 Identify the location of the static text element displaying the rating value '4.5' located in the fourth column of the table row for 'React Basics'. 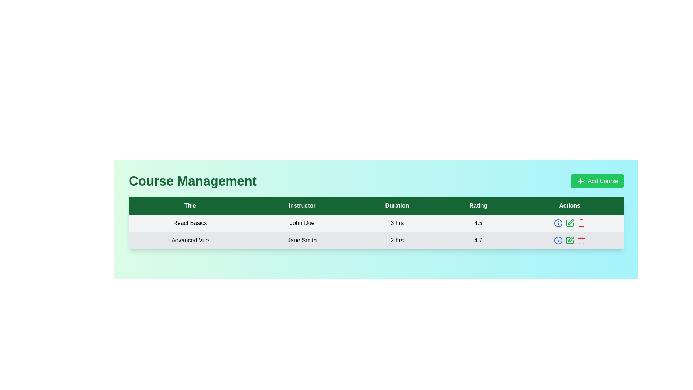
(478, 222).